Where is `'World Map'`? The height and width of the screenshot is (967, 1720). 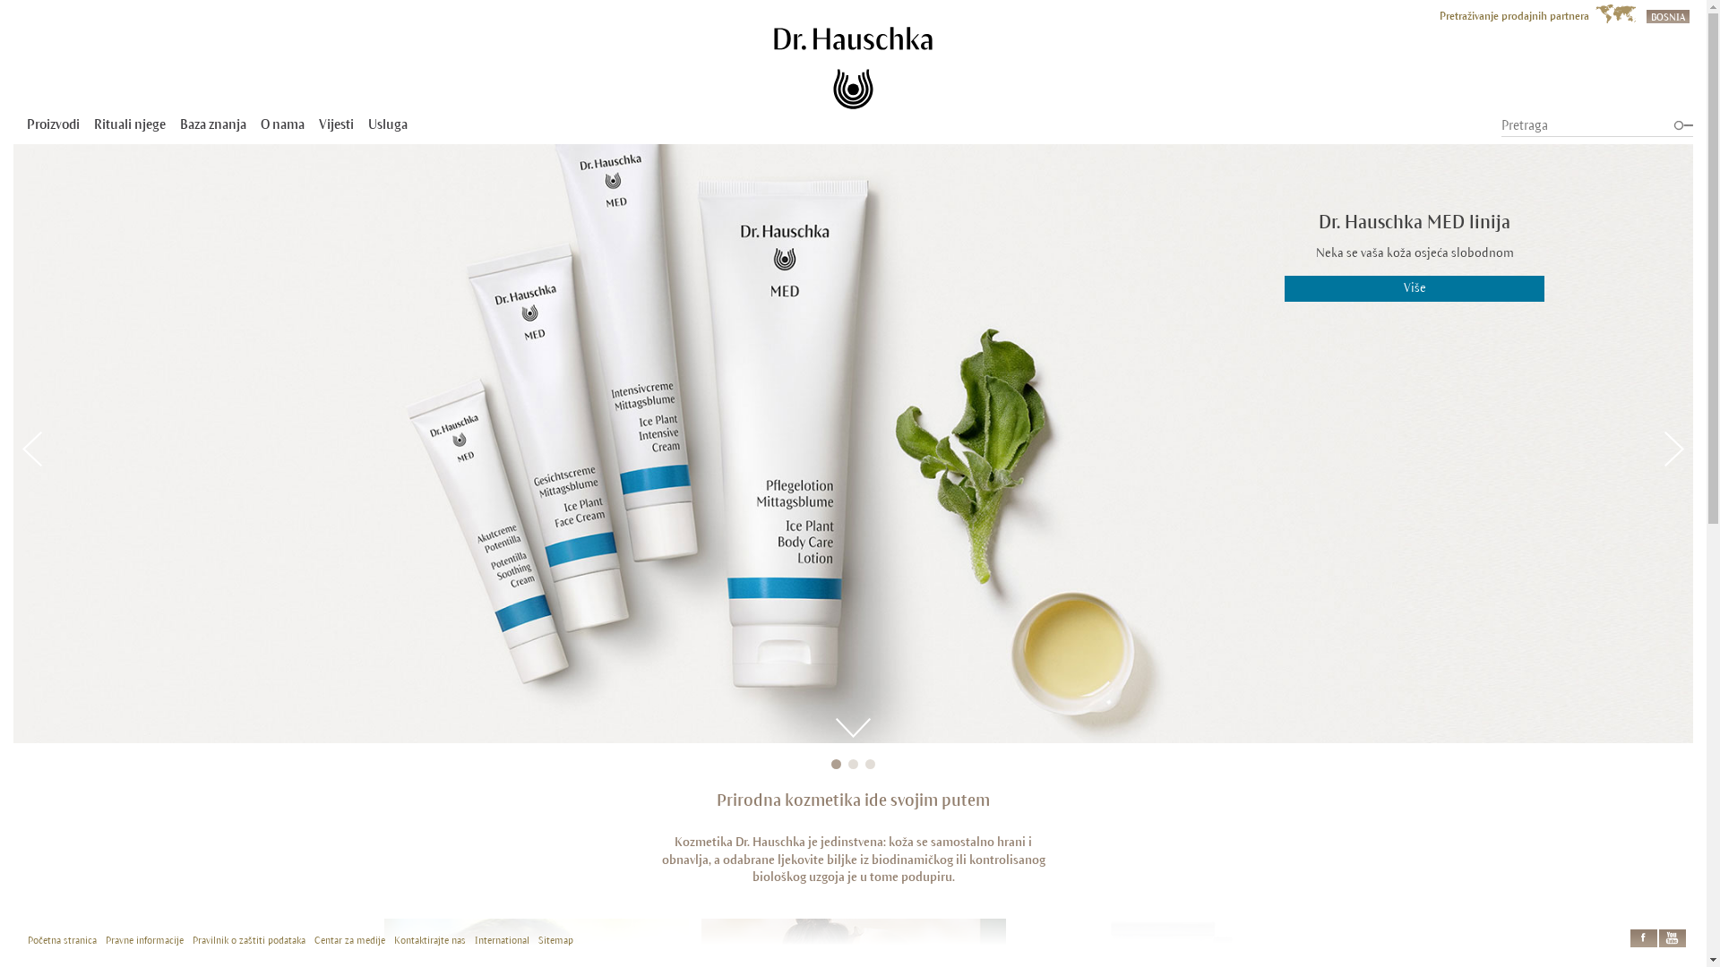 'World Map' is located at coordinates (1615, 13).